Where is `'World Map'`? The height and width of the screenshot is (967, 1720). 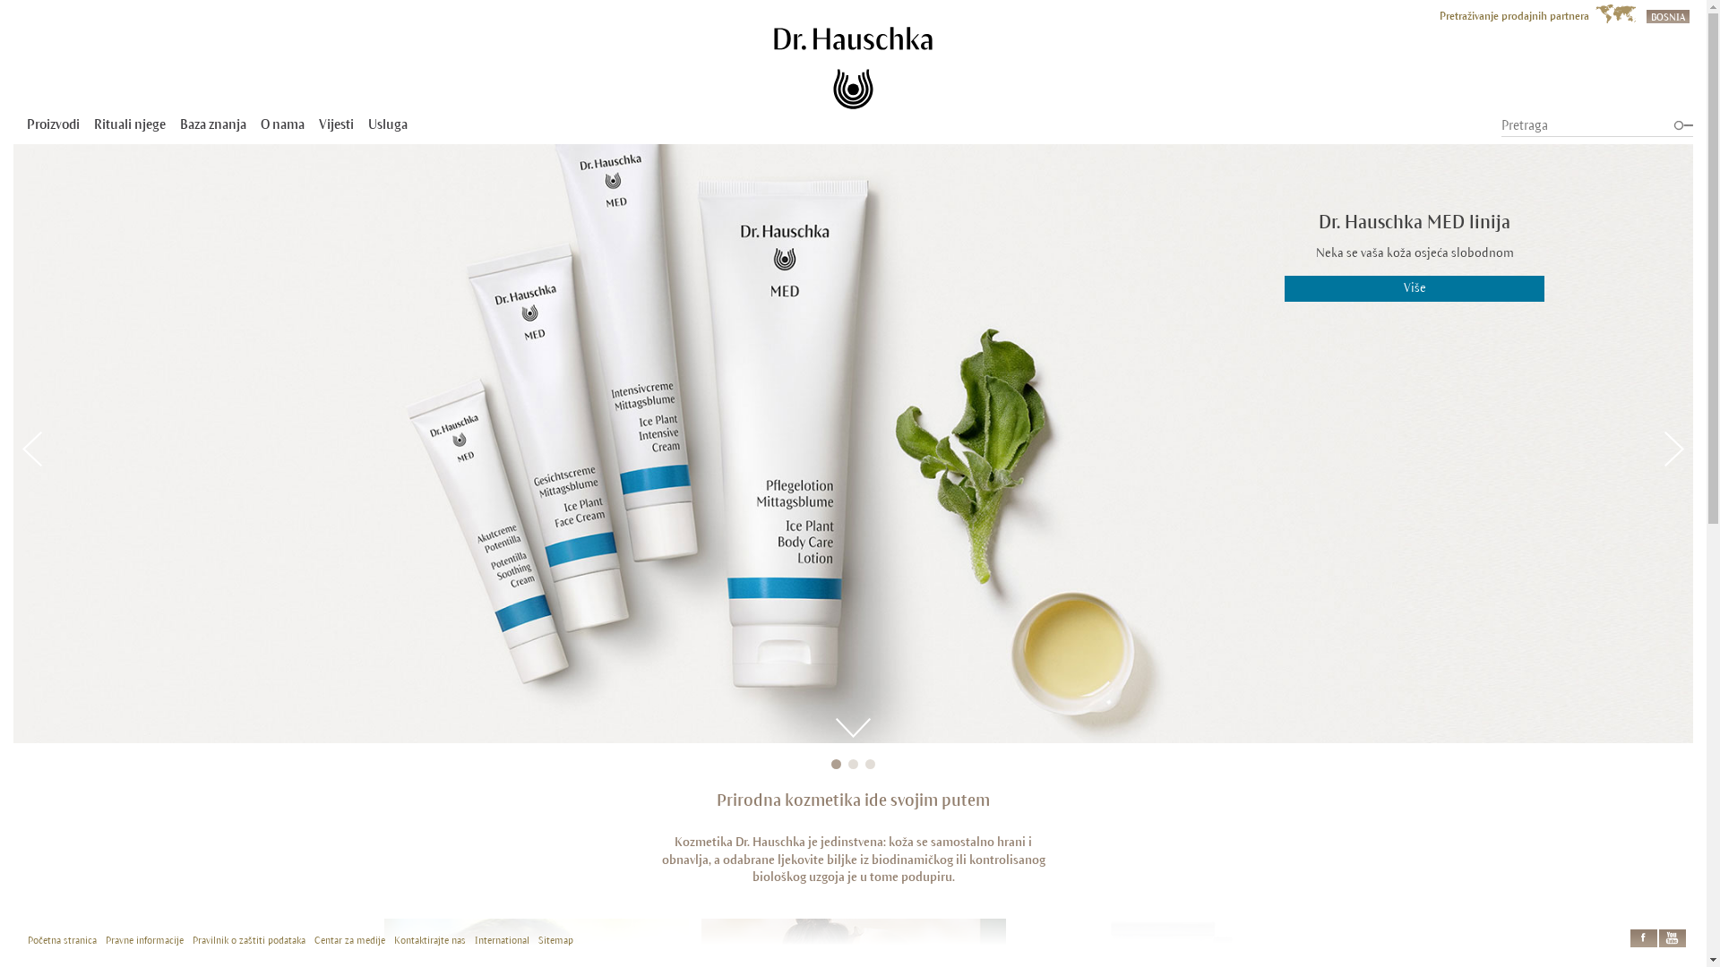 'World Map' is located at coordinates (1615, 13).